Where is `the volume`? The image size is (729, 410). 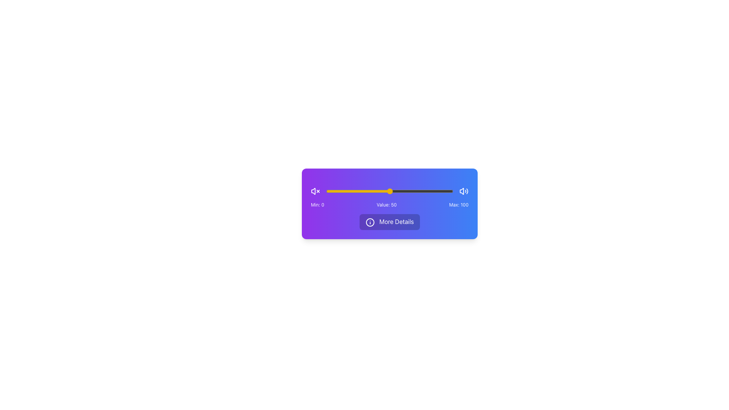 the volume is located at coordinates (451, 191).